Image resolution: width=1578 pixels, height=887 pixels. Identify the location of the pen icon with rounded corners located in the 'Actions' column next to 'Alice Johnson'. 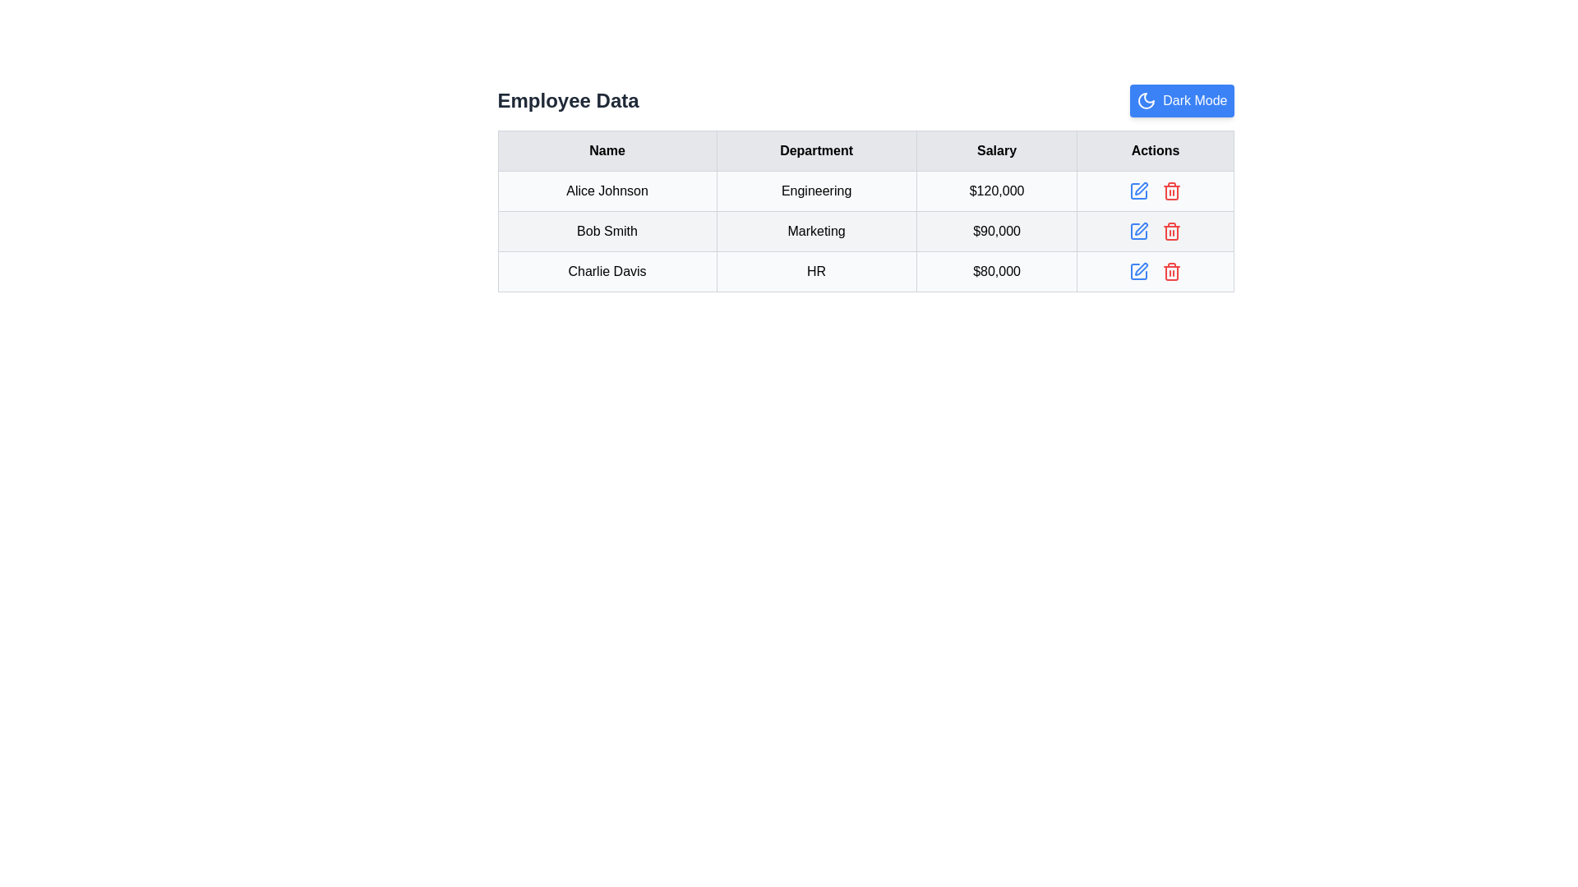
(1138, 190).